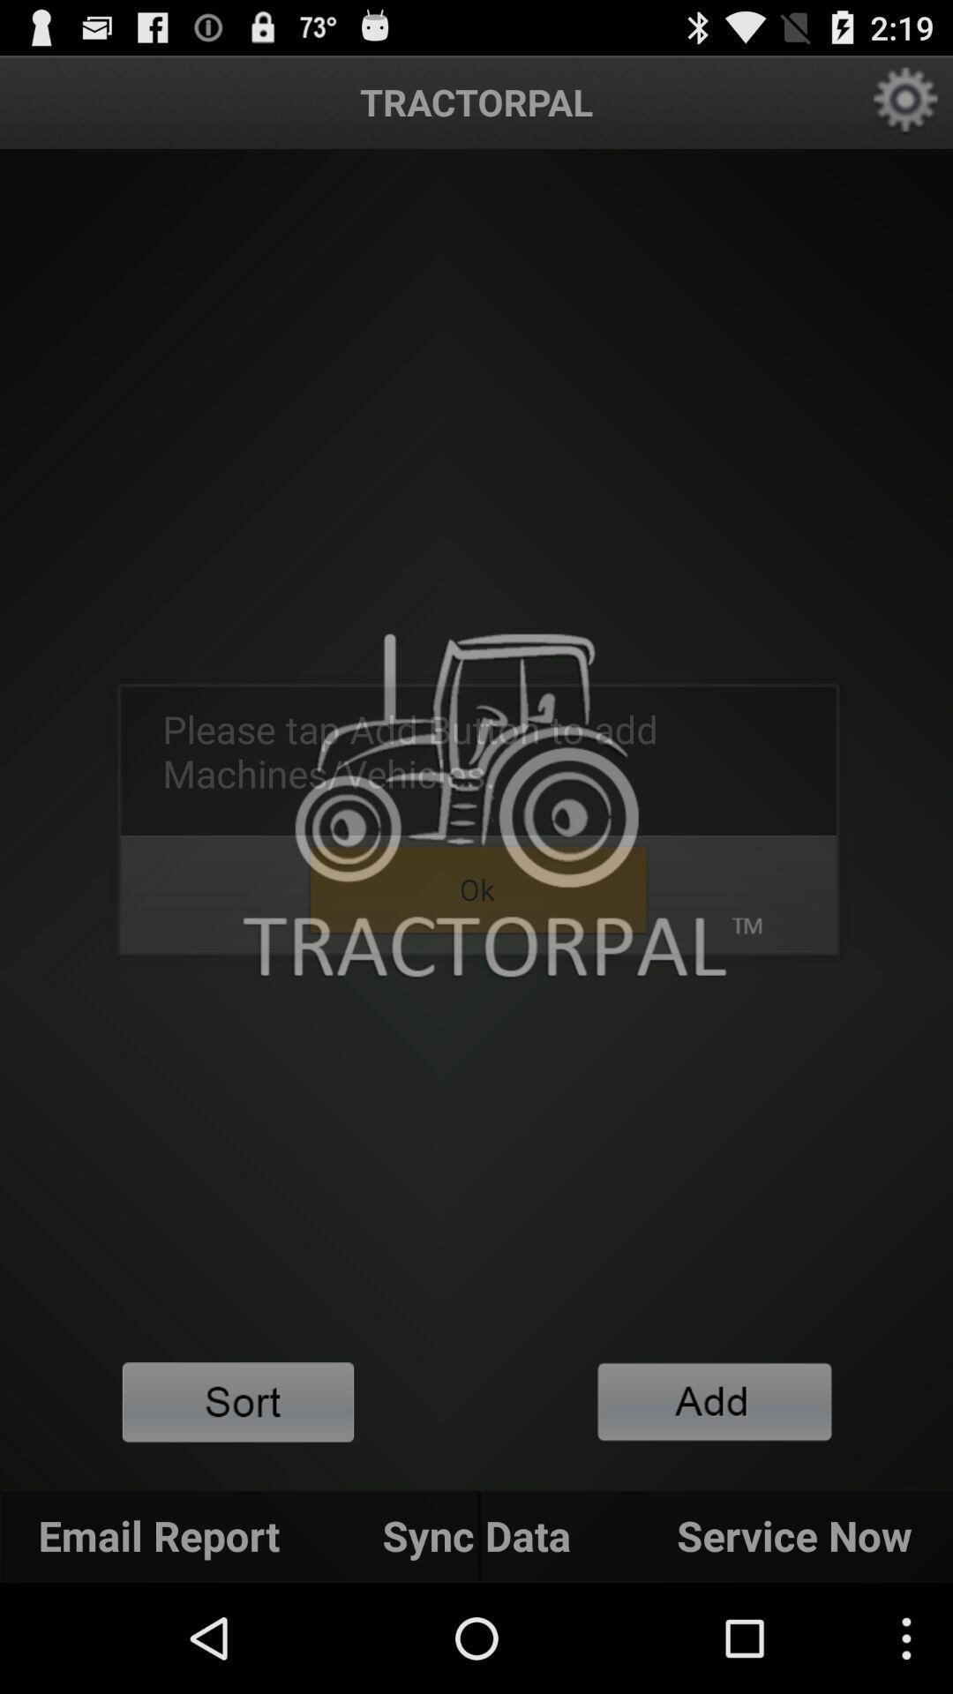 The height and width of the screenshot is (1694, 953). Describe the element at coordinates (715, 1400) in the screenshot. I see `the option using knowledge` at that location.